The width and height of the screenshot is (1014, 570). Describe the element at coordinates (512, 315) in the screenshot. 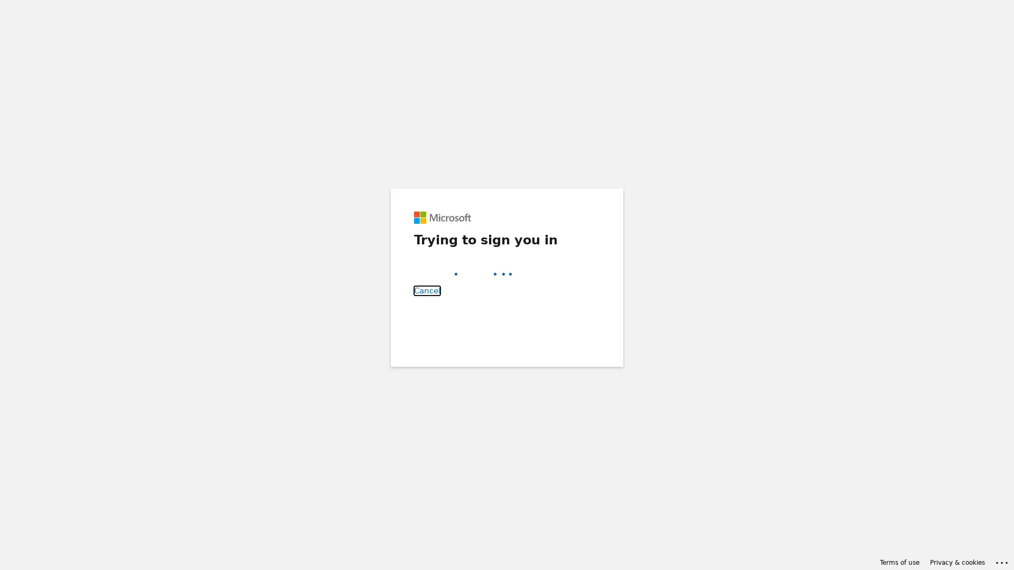

I see `Back` at that location.